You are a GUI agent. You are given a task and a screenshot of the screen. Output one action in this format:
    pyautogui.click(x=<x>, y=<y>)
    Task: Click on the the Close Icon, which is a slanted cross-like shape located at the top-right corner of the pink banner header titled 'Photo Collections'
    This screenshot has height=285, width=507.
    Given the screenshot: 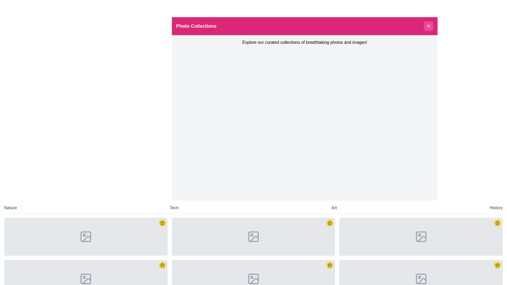 What is the action you would take?
    pyautogui.click(x=428, y=26)
    